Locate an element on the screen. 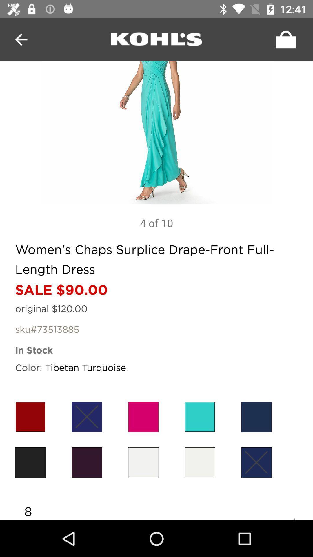  color is located at coordinates (200, 462).